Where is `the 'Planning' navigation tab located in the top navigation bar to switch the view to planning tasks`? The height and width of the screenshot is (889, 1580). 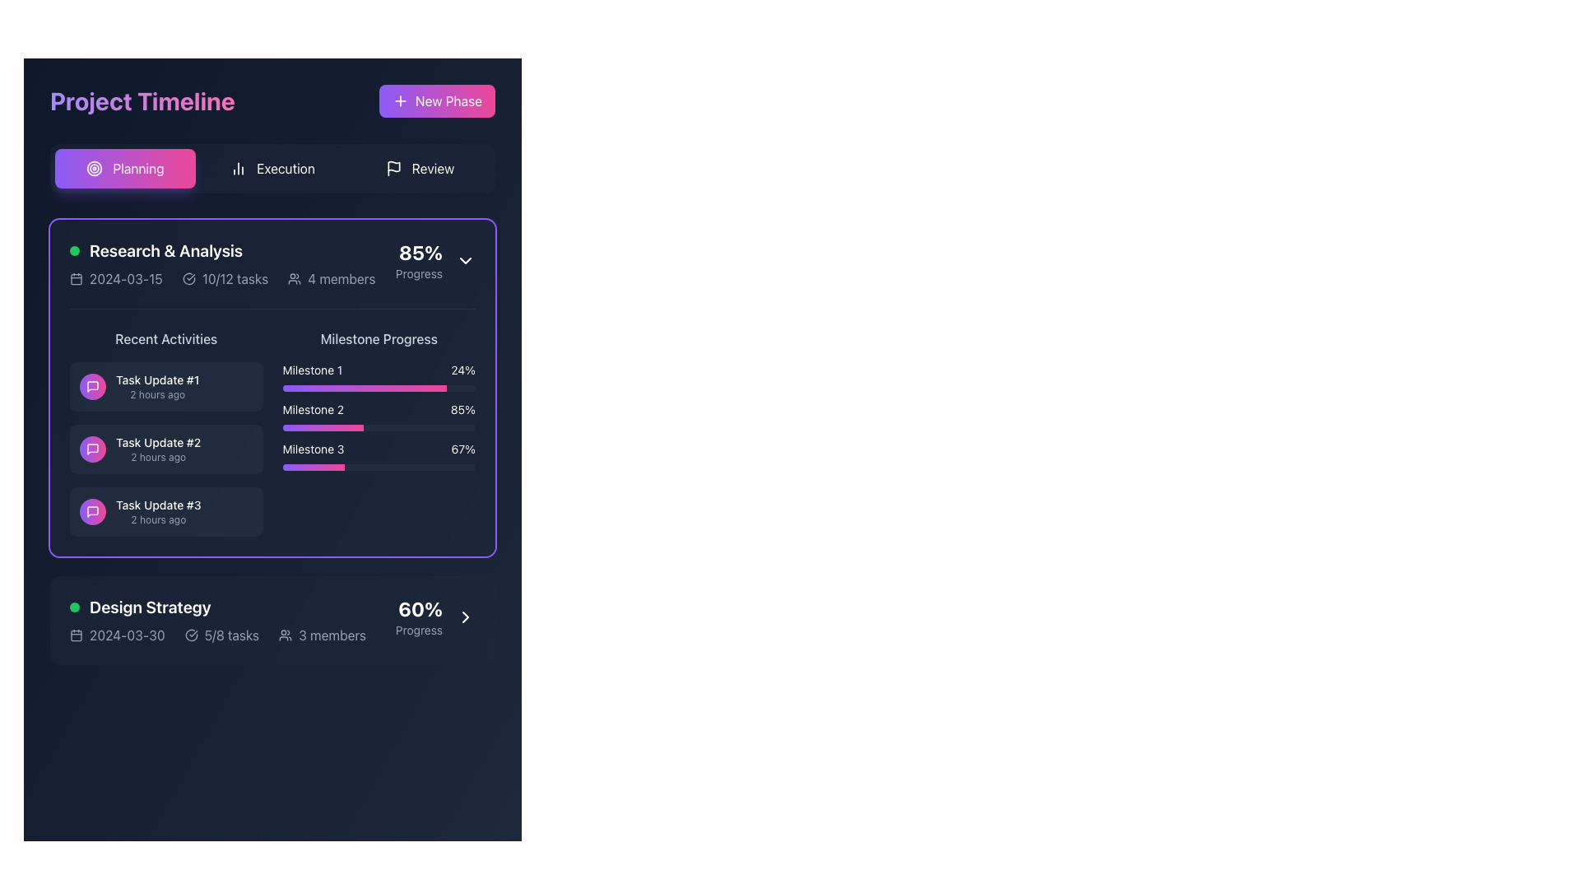 the 'Planning' navigation tab located in the top navigation bar to switch the view to planning tasks is located at coordinates (138, 168).